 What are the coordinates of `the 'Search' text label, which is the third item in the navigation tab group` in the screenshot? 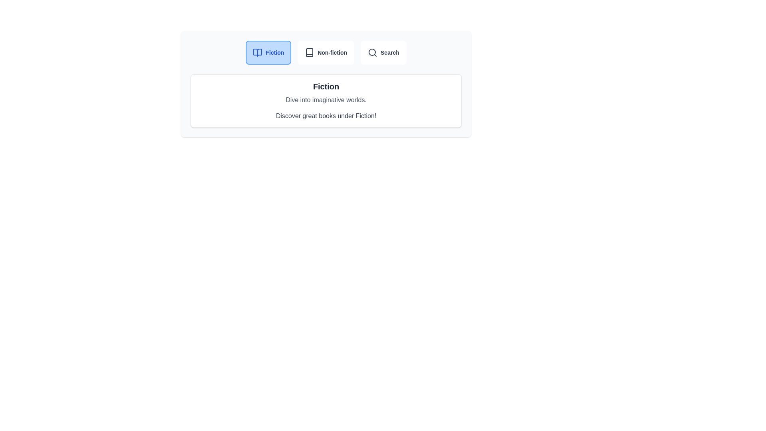 It's located at (390, 52).